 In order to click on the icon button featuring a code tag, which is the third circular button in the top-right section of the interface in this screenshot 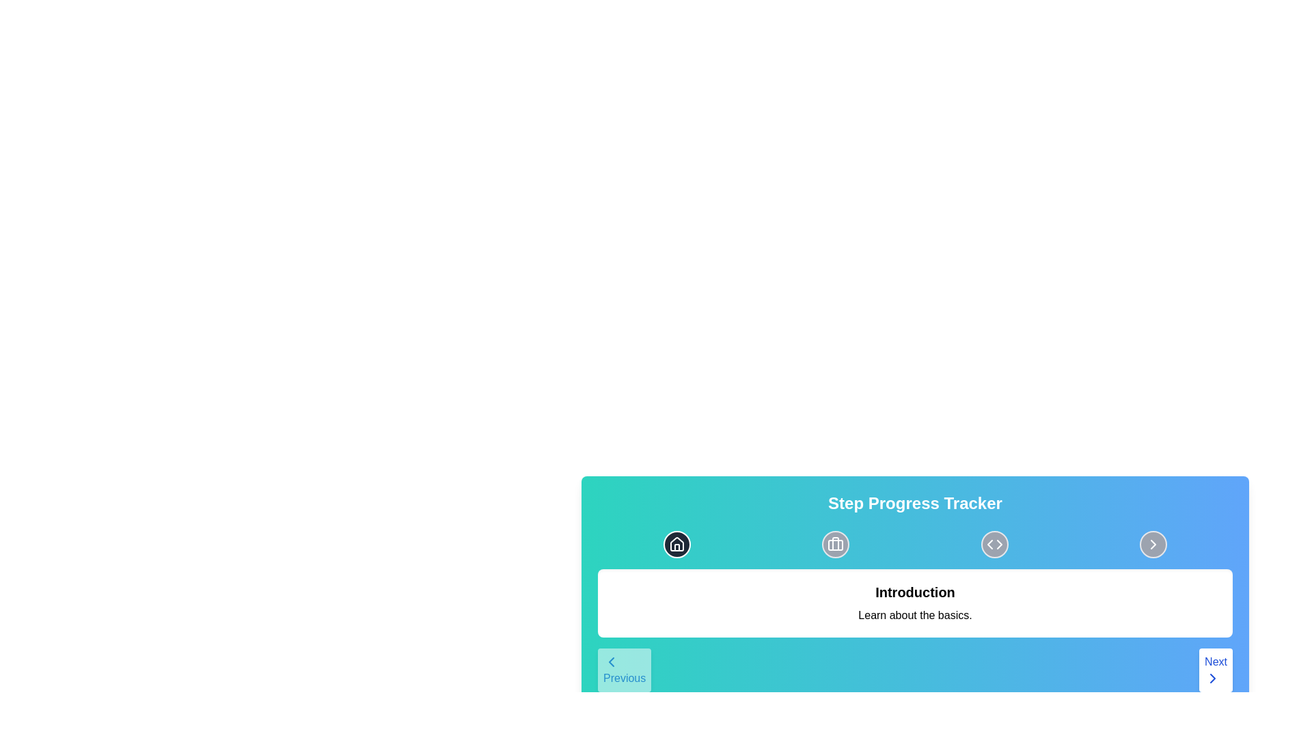, I will do `click(994, 544)`.